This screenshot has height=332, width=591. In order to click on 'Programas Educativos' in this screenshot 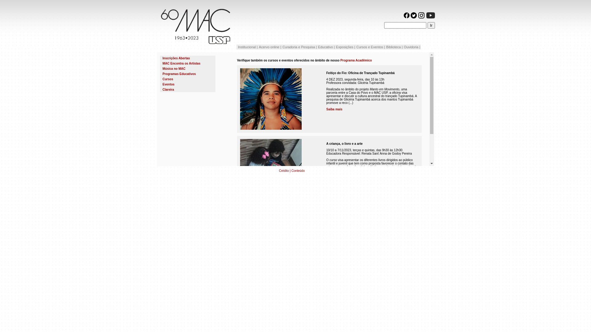, I will do `click(187, 73)`.